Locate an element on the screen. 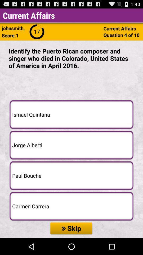 The height and width of the screenshot is (255, 143). jorge alberti is located at coordinates (71, 145).